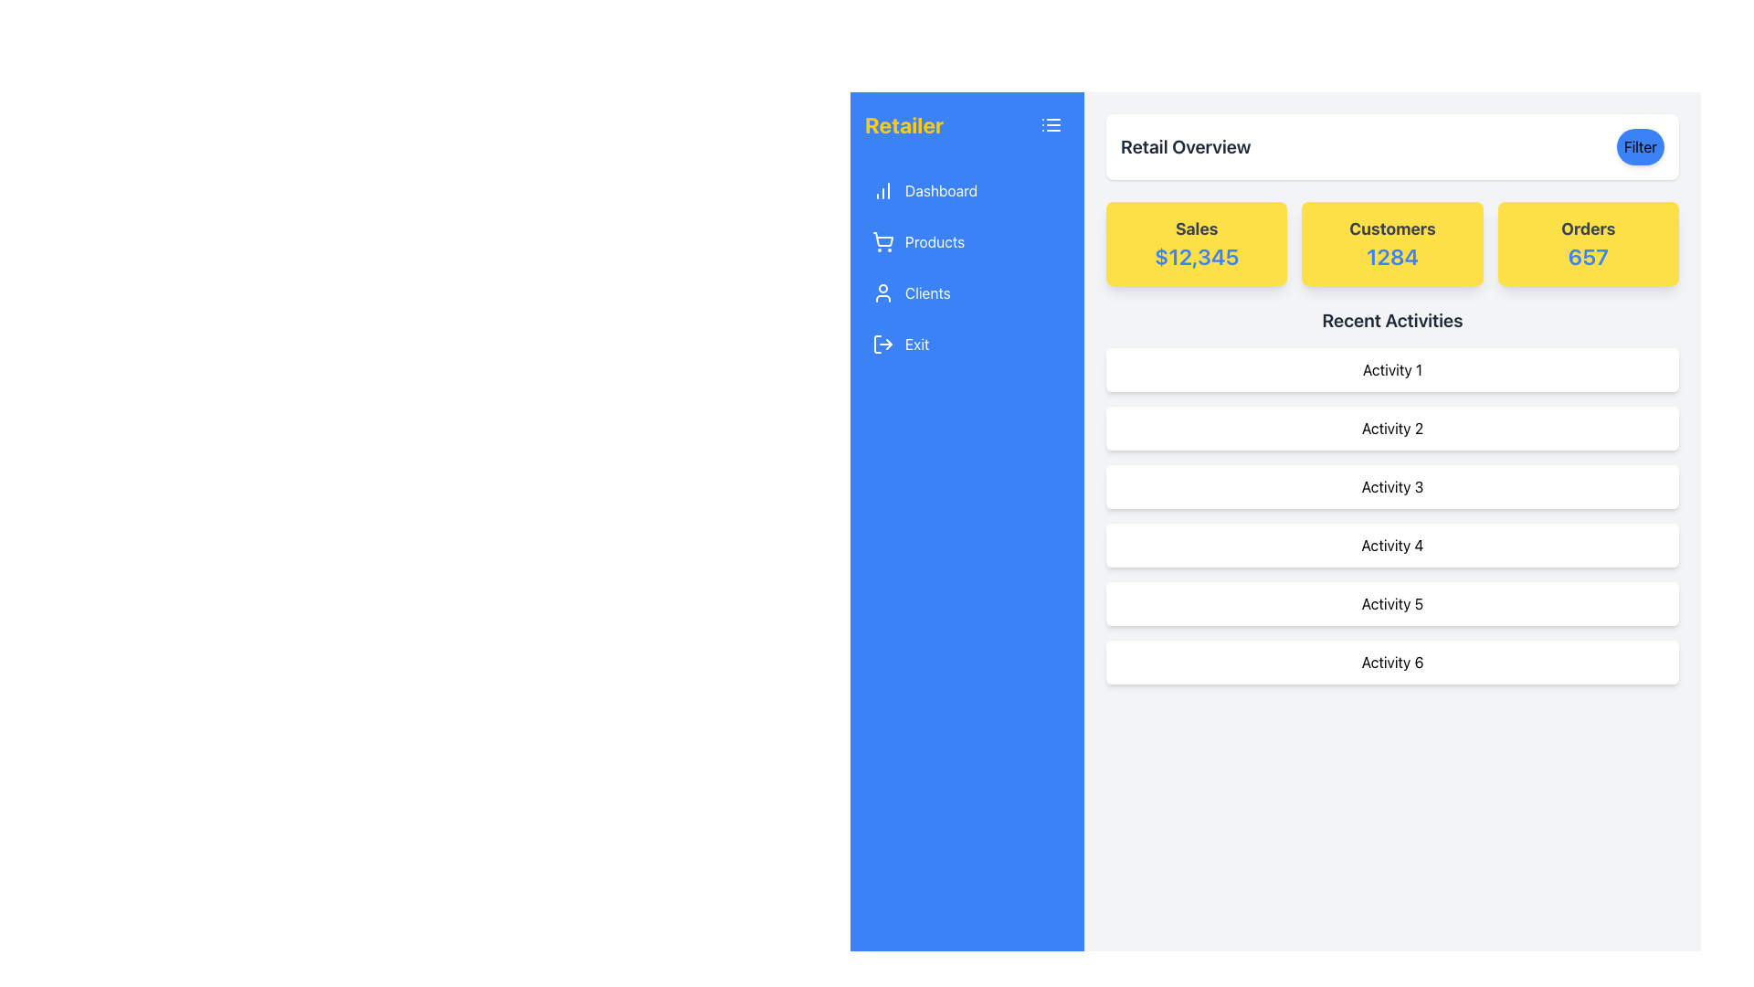  What do you see at coordinates (1391, 242) in the screenshot?
I see `the Statistical display card that shows the number 1284 in a large blue font, indicating total customer count, with a smaller title 'Customers' above it in bold gray text, set against a yellow background with rounded corners` at bounding box center [1391, 242].